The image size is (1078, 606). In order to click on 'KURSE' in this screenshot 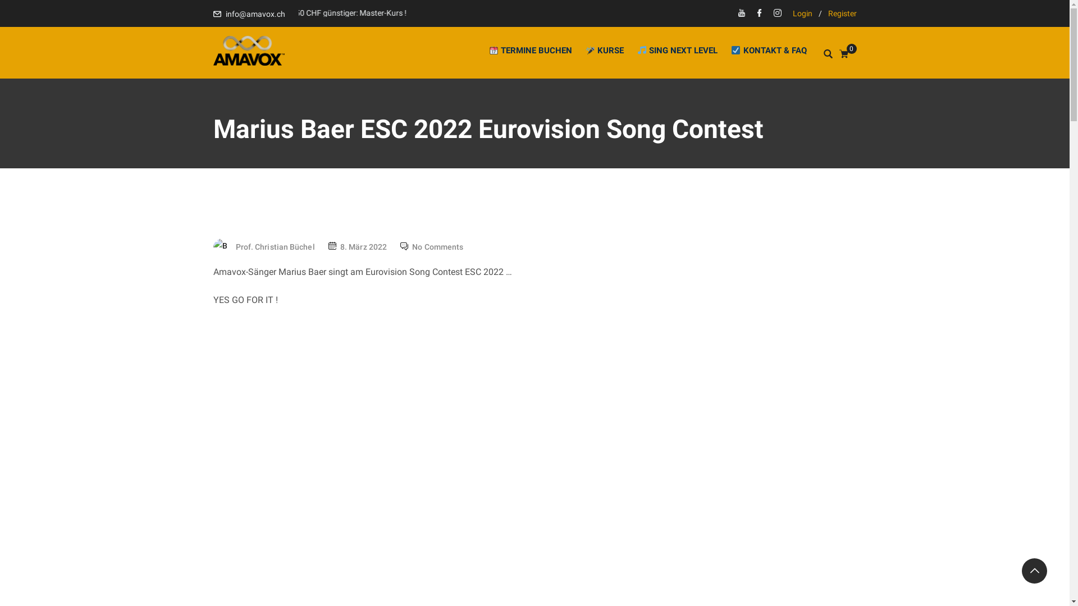, I will do `click(579, 49)`.